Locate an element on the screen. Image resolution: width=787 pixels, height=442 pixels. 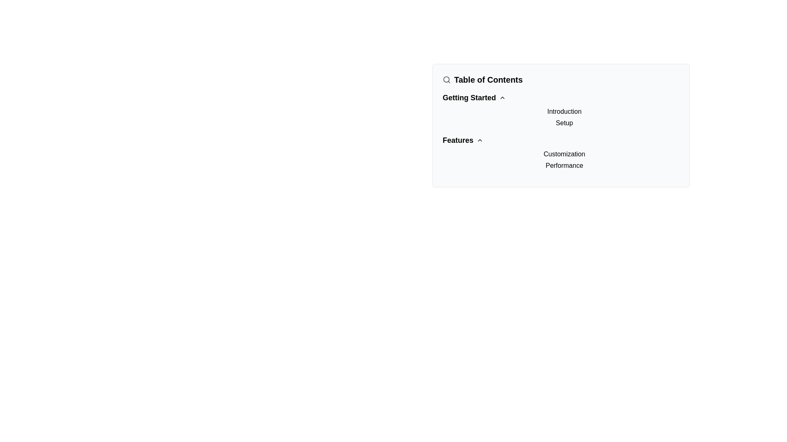
the 'Customization' entry in the Sub-list content section located under the 'Features' header of the 'Table of Contents' is located at coordinates (560, 153).